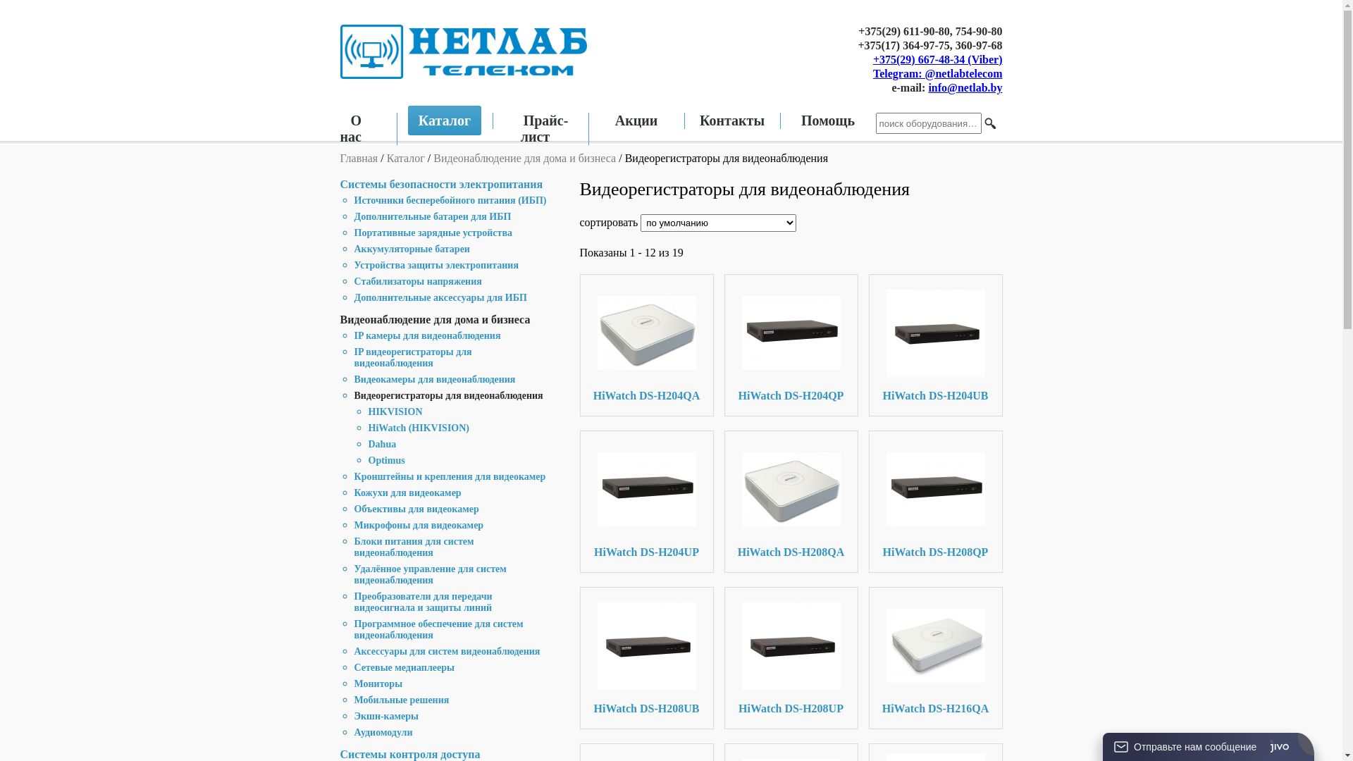  Describe the element at coordinates (936, 645) in the screenshot. I see `'HiWatch DS-H216QA'` at that location.